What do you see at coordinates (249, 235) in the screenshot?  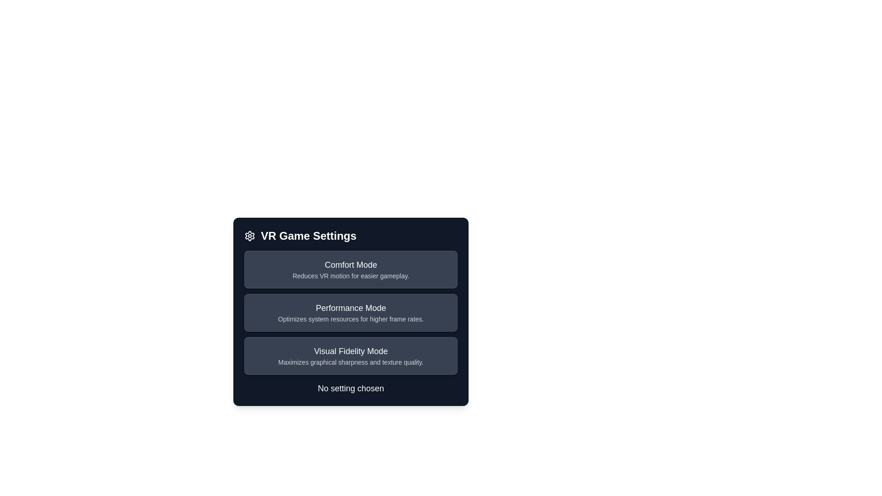 I see `the gear-shaped icon located in the top left section of the 'VR Game Settings' header` at bounding box center [249, 235].